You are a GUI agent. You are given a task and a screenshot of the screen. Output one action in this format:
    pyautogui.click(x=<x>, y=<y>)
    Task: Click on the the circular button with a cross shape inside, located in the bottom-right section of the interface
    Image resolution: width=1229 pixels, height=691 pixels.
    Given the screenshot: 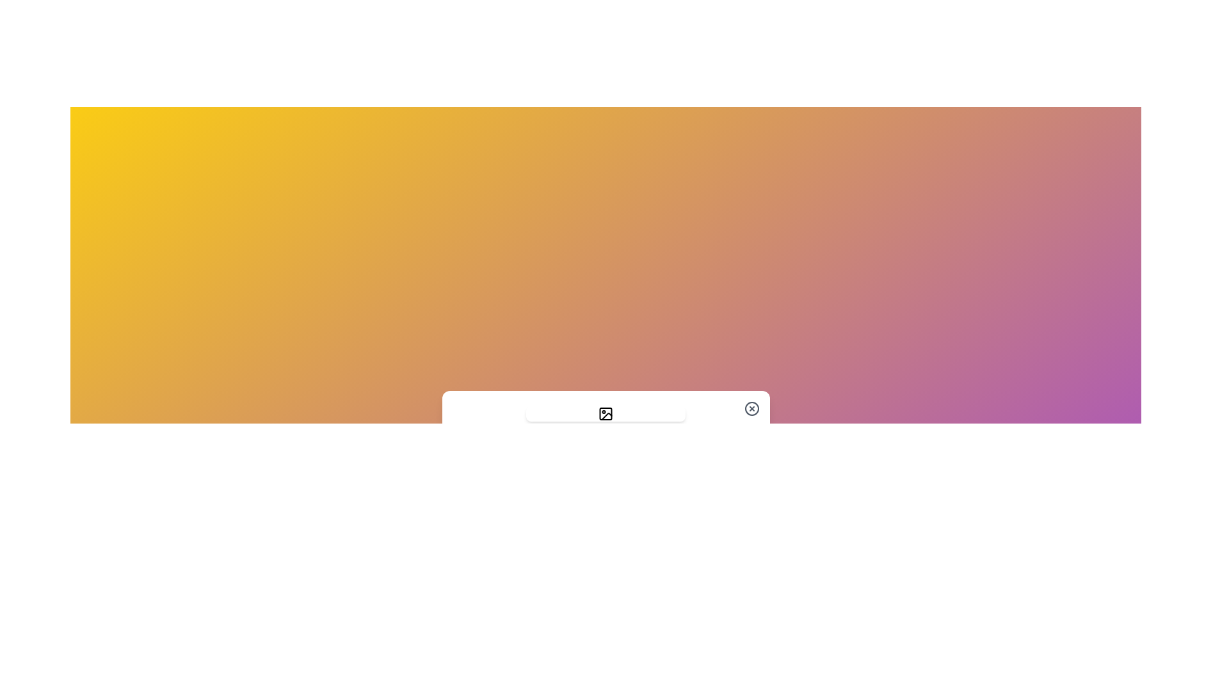 What is the action you would take?
    pyautogui.click(x=751, y=409)
    